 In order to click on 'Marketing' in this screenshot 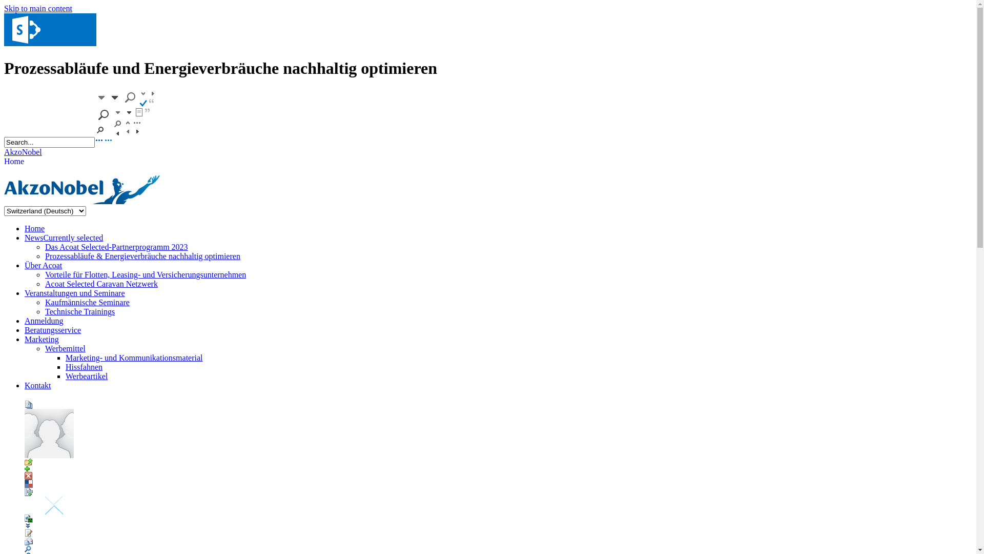, I will do `click(41, 339)`.